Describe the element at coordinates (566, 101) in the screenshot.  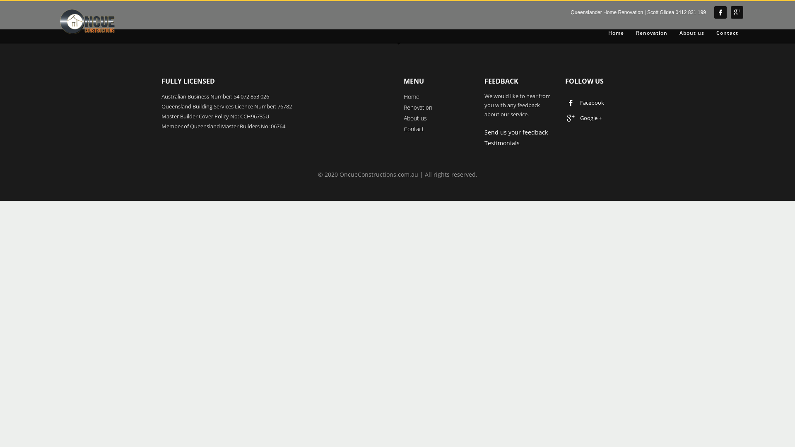
I see `'Facebook'` at that location.